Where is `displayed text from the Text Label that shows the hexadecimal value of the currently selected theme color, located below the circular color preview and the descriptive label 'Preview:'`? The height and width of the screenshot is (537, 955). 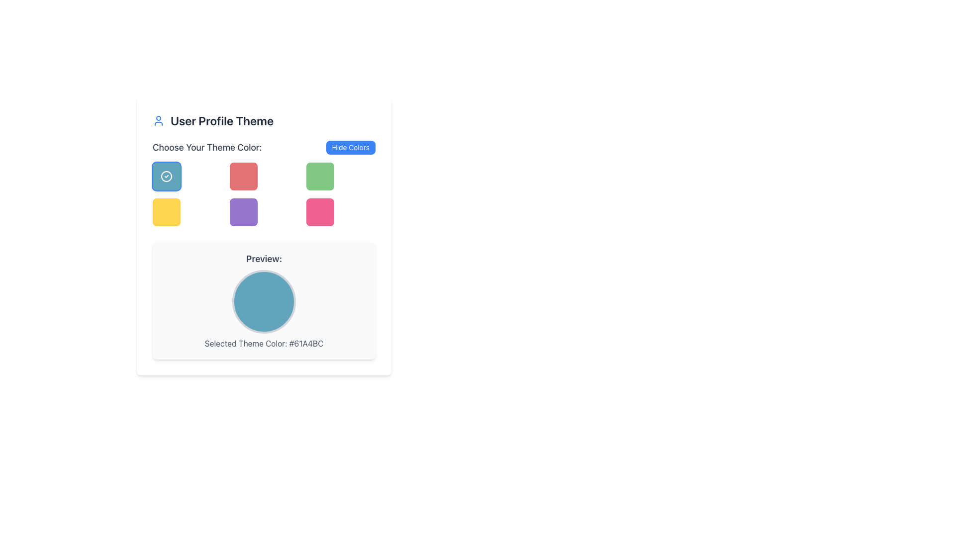 displayed text from the Text Label that shows the hexadecimal value of the currently selected theme color, located below the circular color preview and the descriptive label 'Preview:' is located at coordinates (264, 343).